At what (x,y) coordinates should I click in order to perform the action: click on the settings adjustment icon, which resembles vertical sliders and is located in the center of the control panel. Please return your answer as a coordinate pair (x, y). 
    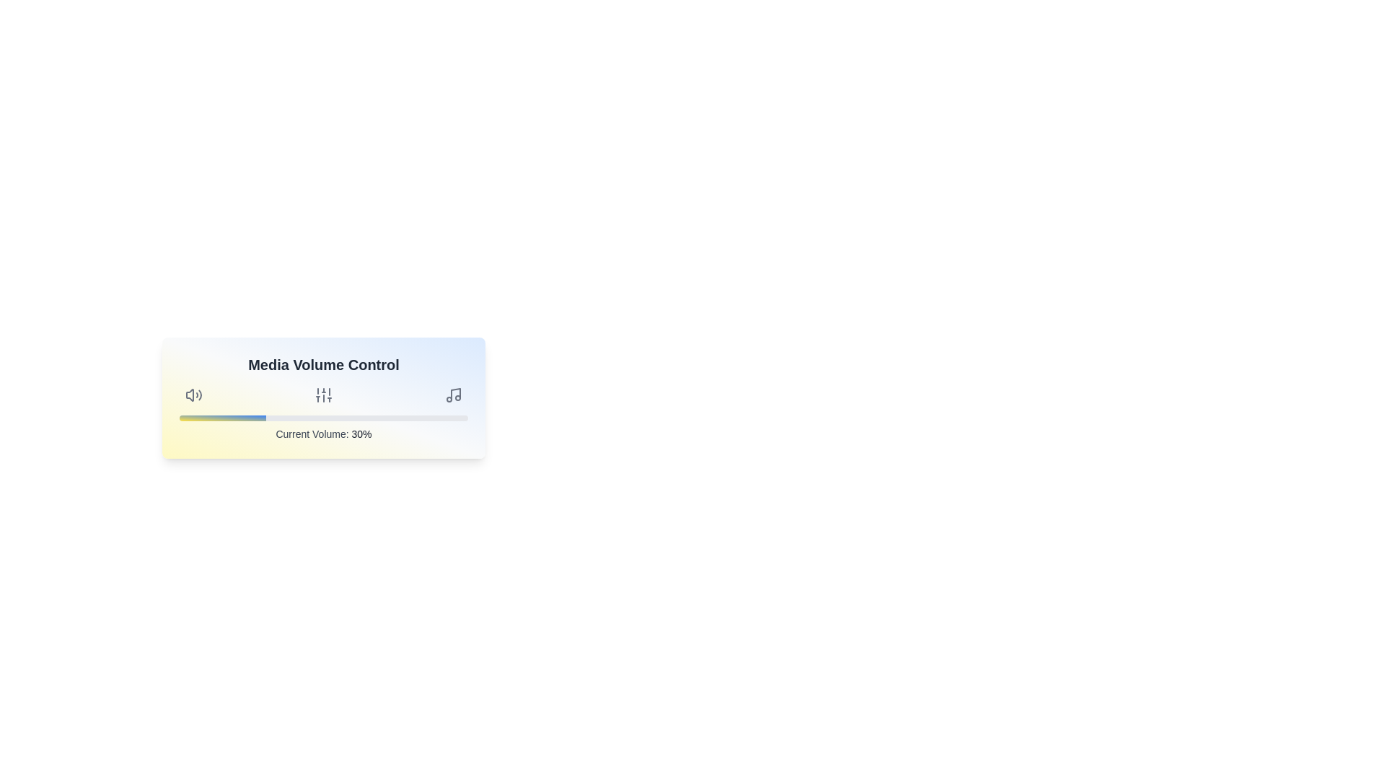
    Looking at the image, I should click on (323, 395).